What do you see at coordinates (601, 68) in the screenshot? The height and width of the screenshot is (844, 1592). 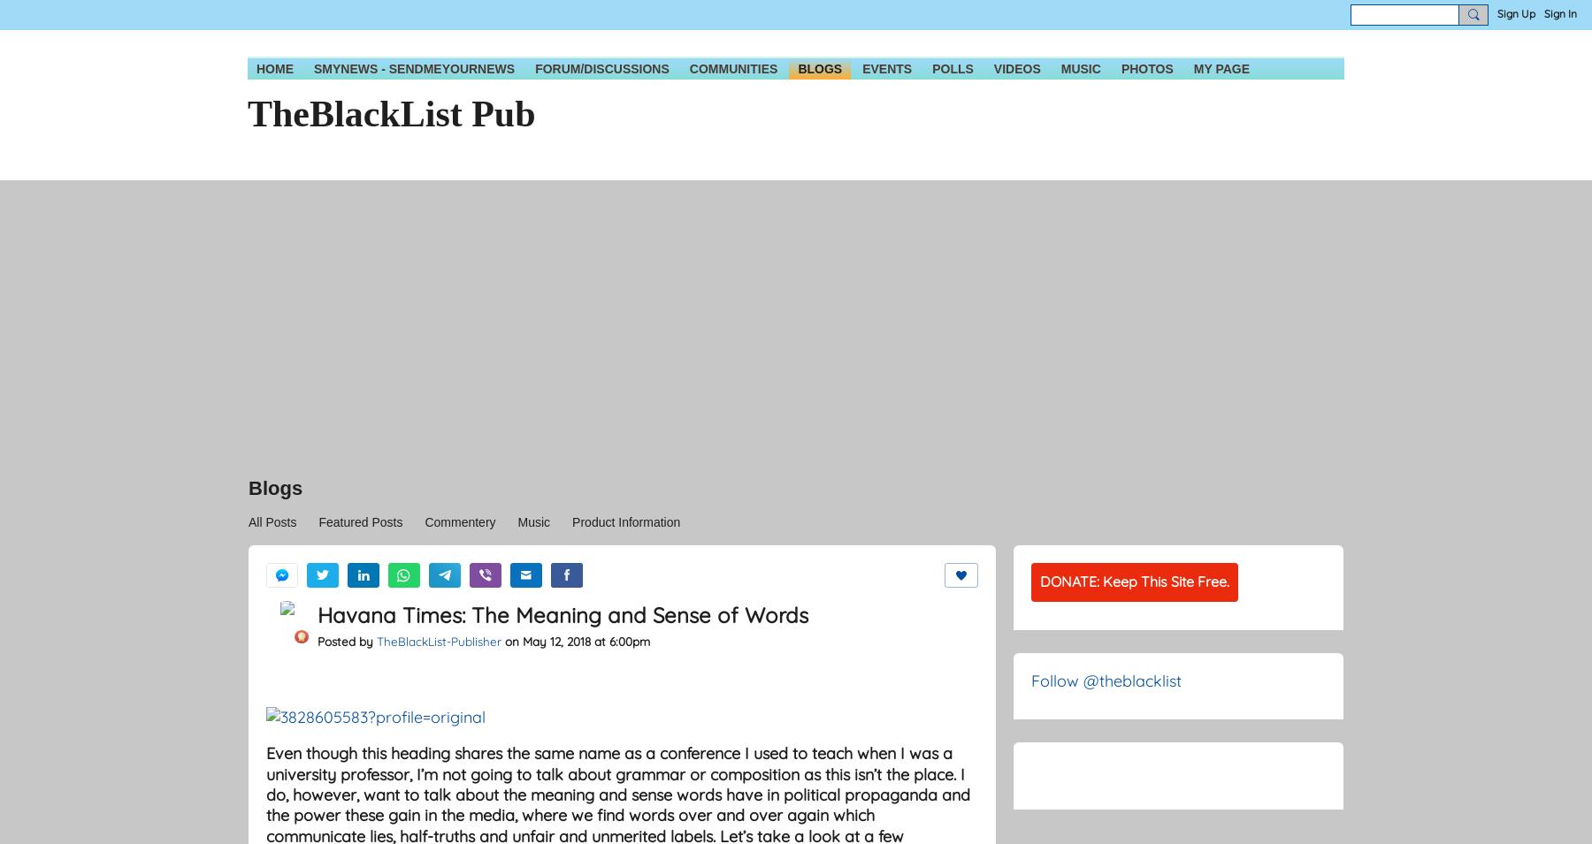 I see `'Forum/Discussions'` at bounding box center [601, 68].